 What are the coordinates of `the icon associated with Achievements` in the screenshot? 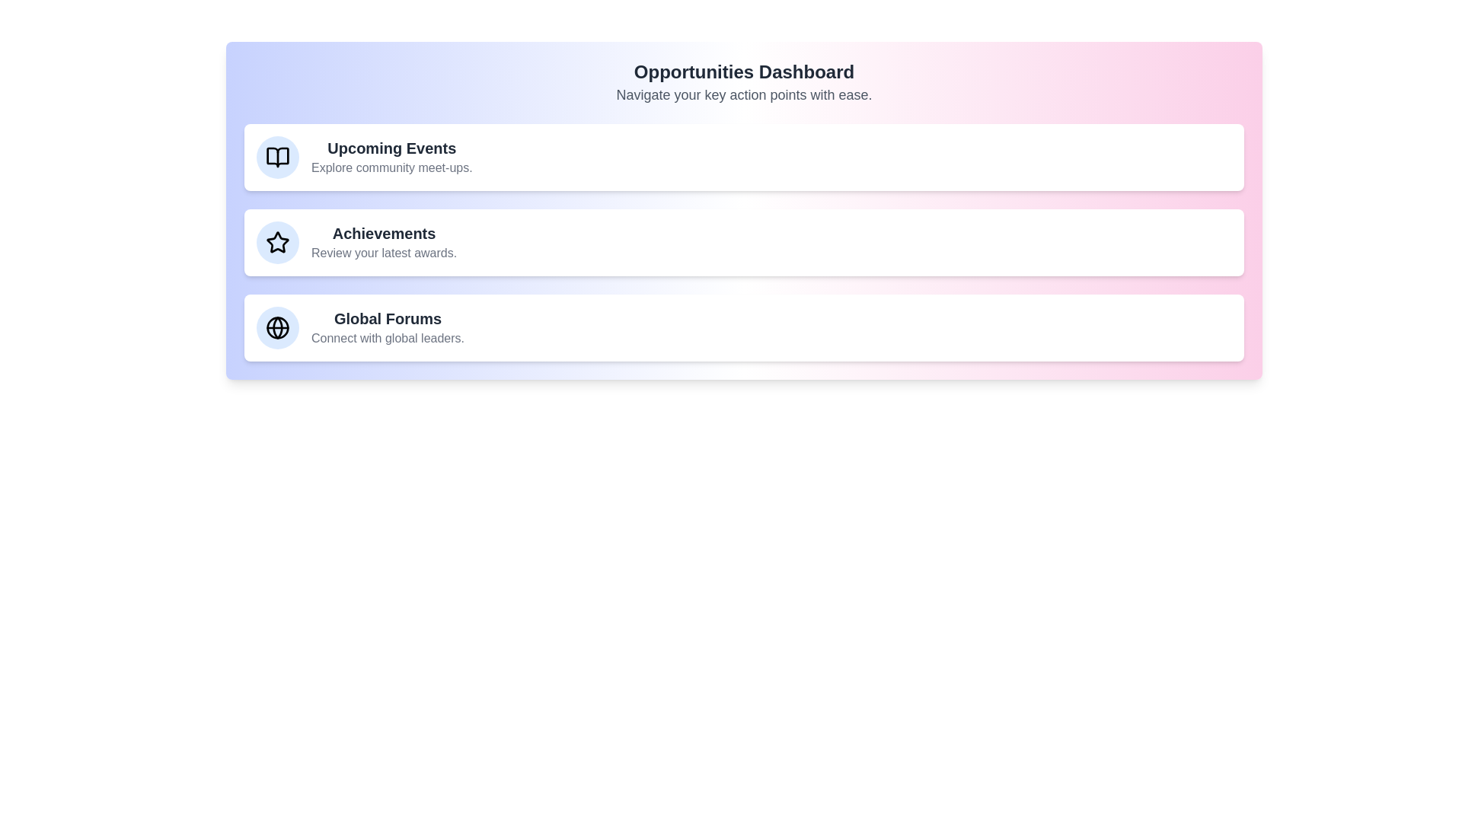 It's located at (277, 242).